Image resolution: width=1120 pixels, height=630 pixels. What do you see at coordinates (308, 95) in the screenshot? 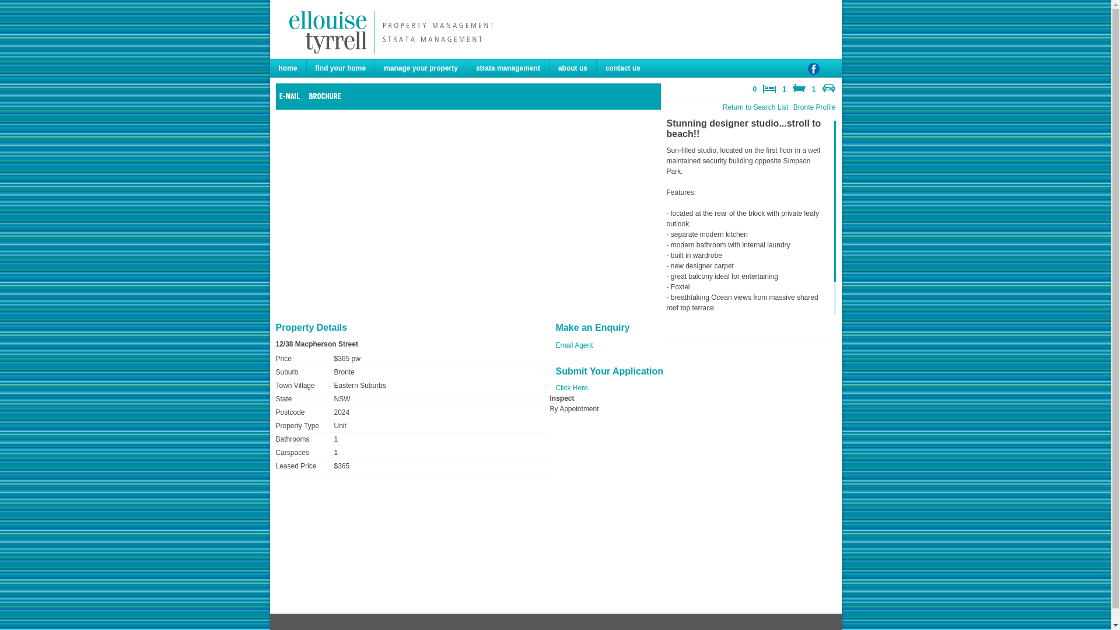
I see `'Property Brochure'` at bounding box center [308, 95].